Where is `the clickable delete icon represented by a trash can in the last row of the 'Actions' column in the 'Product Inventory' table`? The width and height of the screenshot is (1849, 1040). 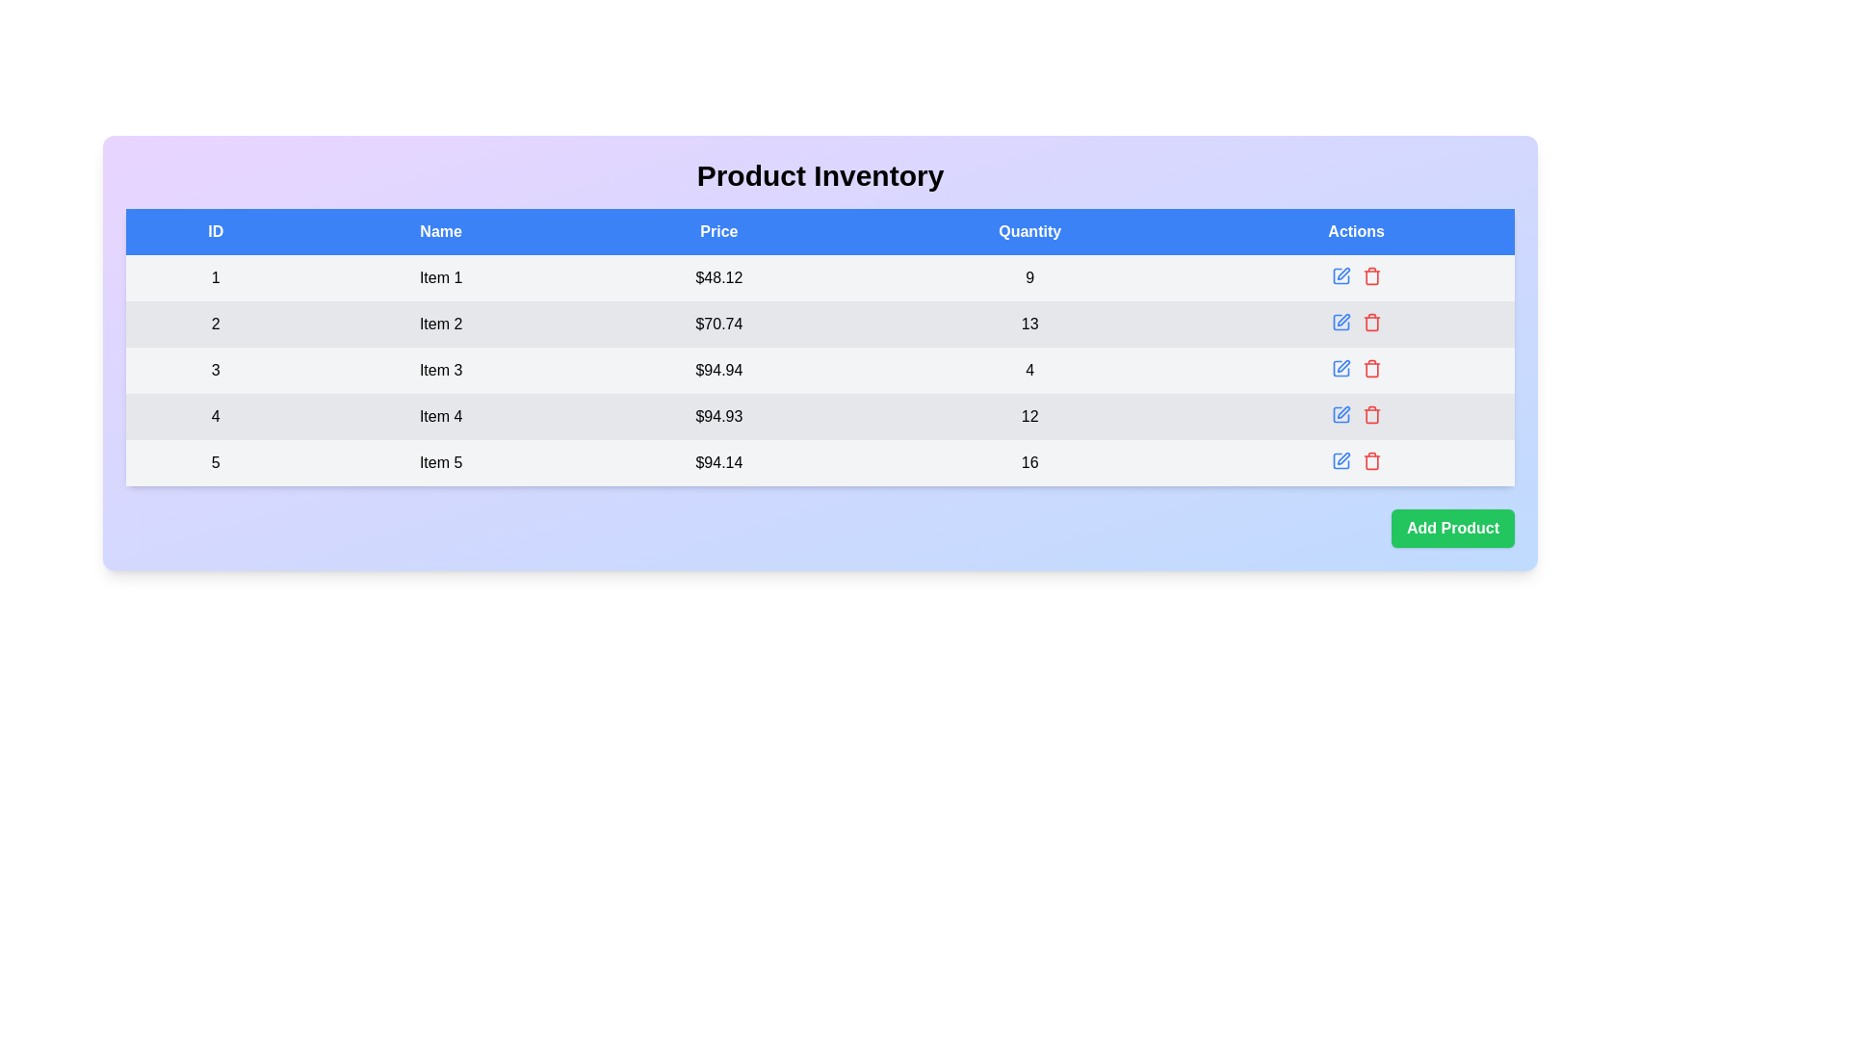 the clickable delete icon represented by a trash can in the last row of the 'Actions' column in the 'Product Inventory' table is located at coordinates (1370, 462).